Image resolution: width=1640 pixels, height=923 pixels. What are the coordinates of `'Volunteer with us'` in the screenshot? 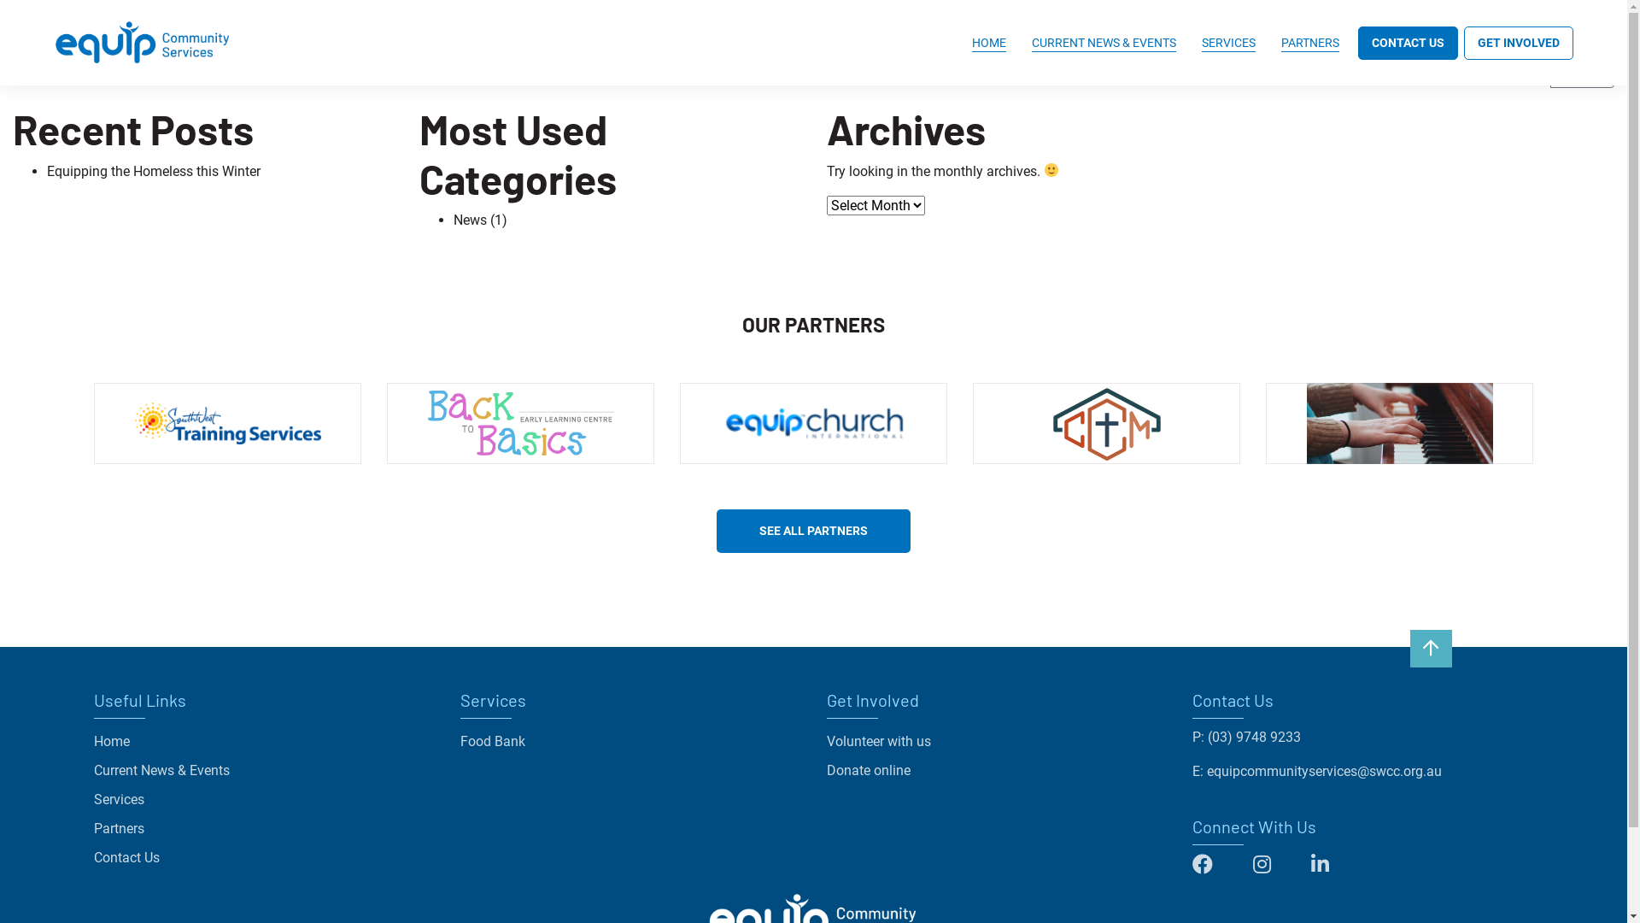 It's located at (878, 740).